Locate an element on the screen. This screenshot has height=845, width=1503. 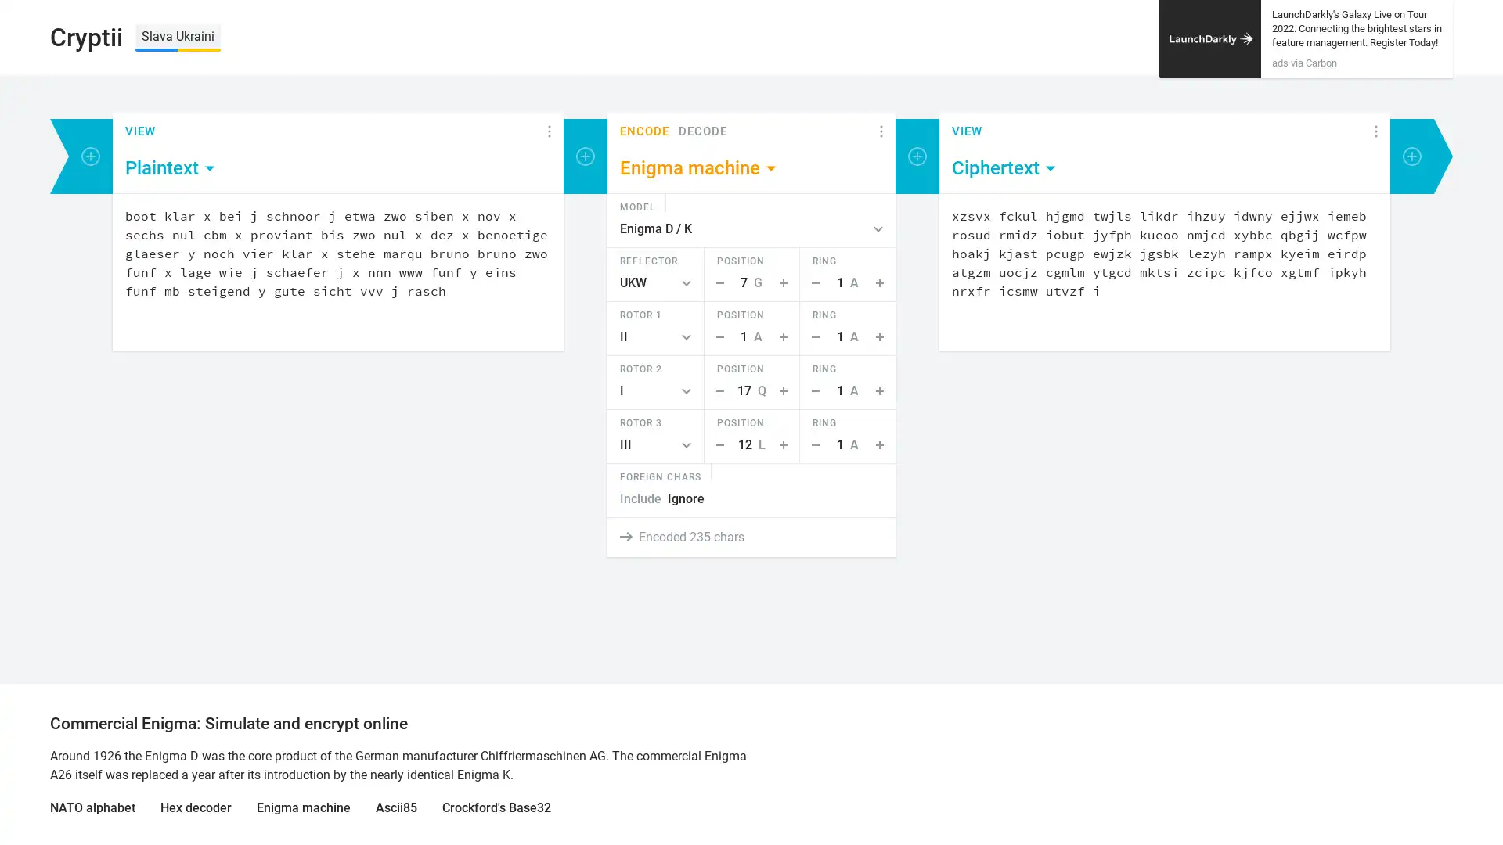
Step Up is located at coordinates (882, 336).